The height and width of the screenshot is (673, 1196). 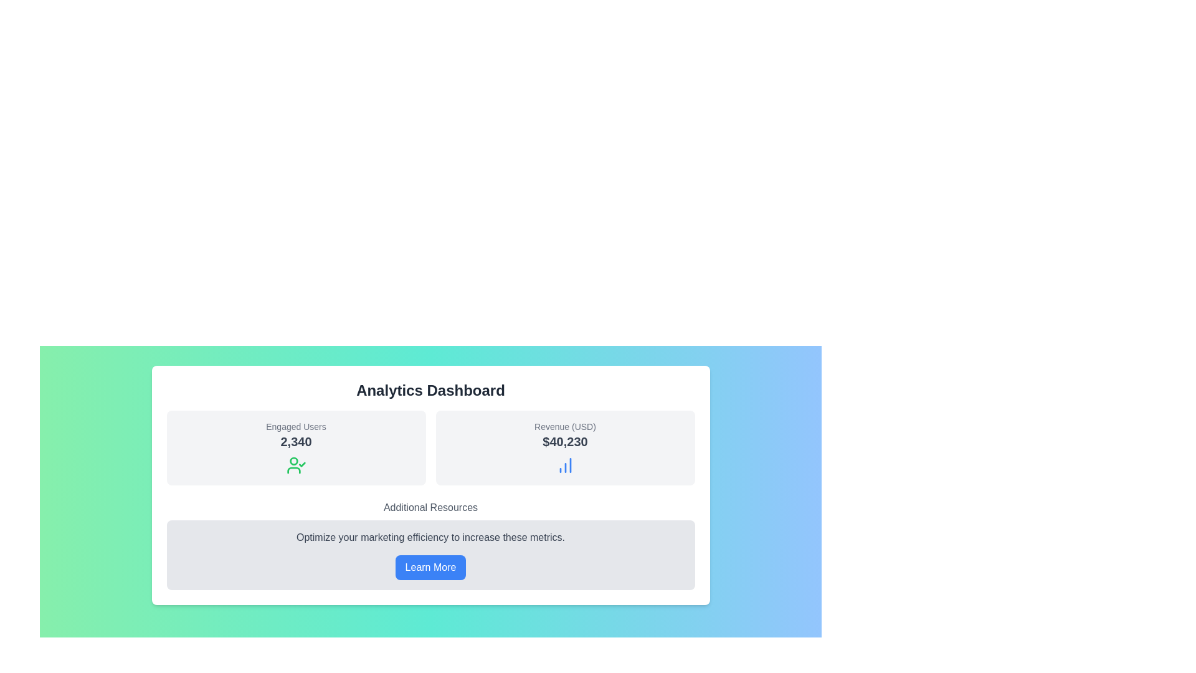 What do you see at coordinates (295, 426) in the screenshot?
I see `the label displaying 'Engaged Users' located in the upper part of the card component on the left side of the dashboard` at bounding box center [295, 426].